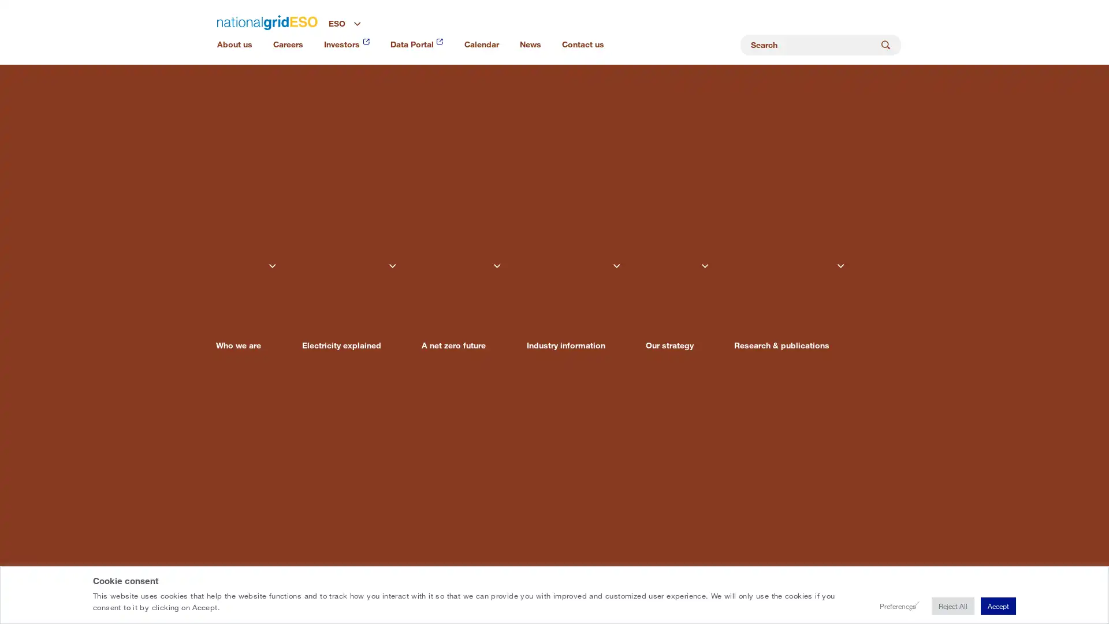 The width and height of the screenshot is (1109, 624). What do you see at coordinates (995, 606) in the screenshot?
I see `Accept` at bounding box center [995, 606].